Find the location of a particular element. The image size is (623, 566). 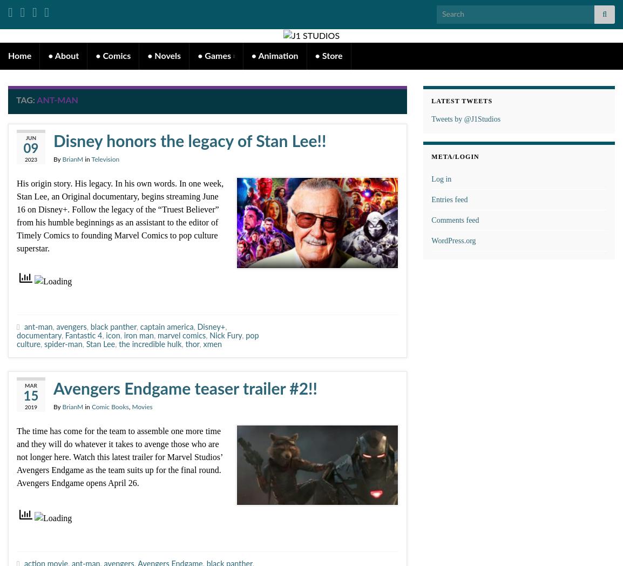

'Log in' is located at coordinates (441, 178).